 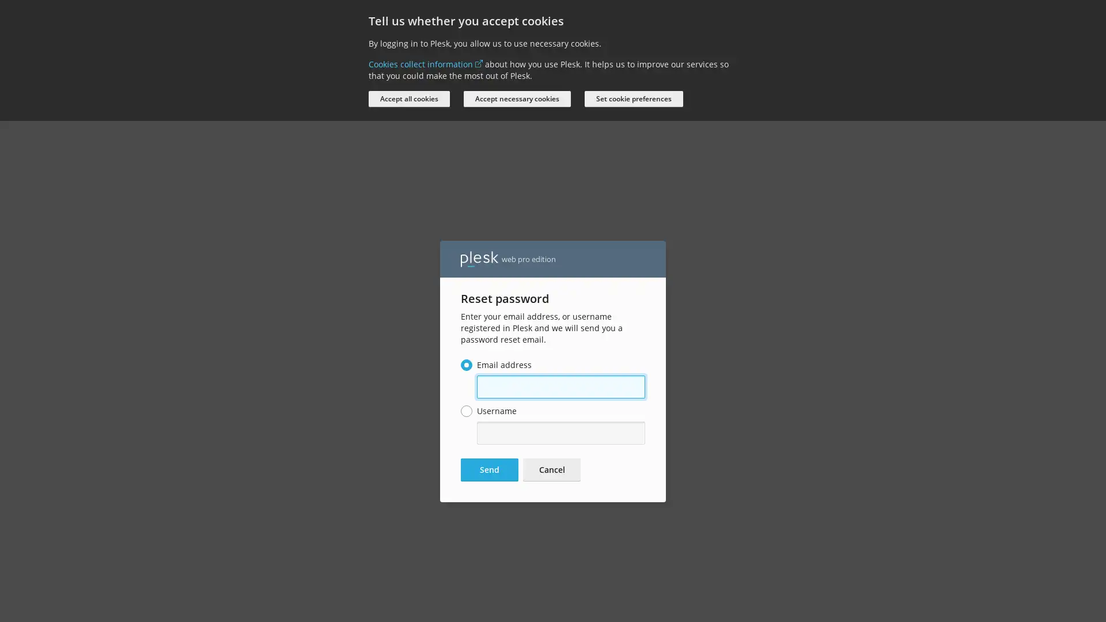 I want to click on Accept necessary cookies, so click(x=516, y=98).